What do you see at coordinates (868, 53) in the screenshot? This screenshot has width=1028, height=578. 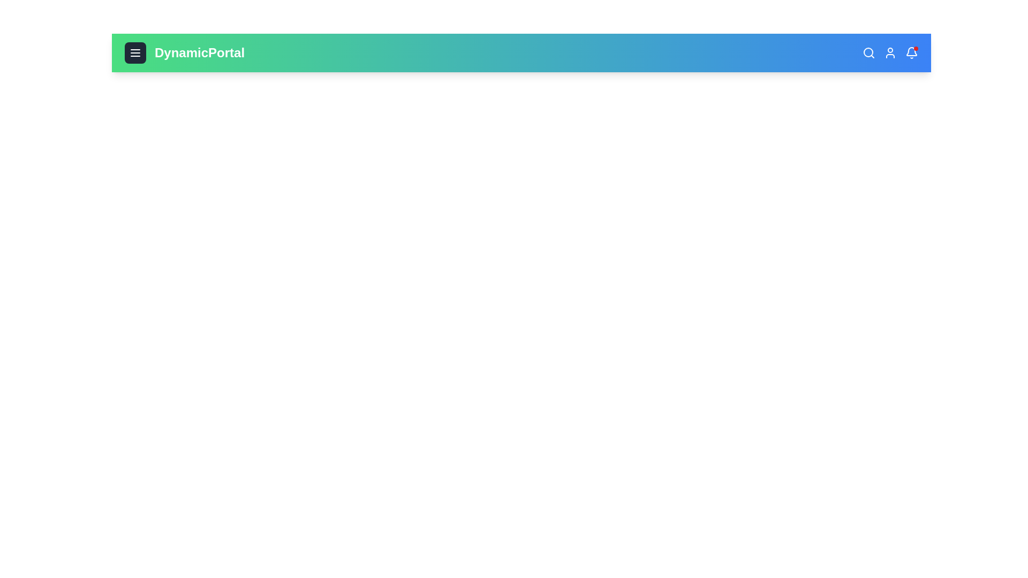 I see `the search icon to initiate a search` at bounding box center [868, 53].